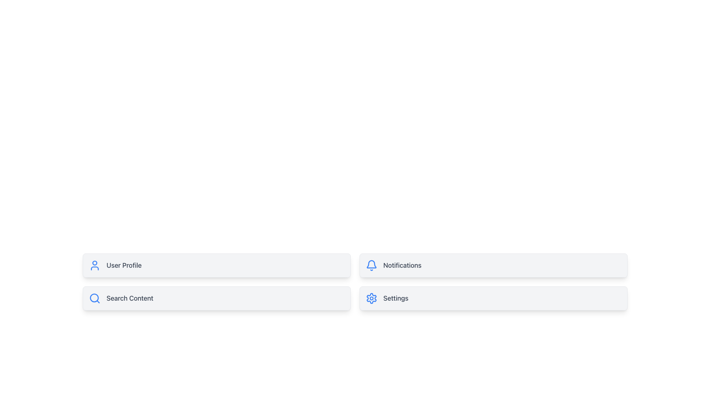 The image size is (703, 395). I want to click on the 'User Profile' icon located to the far left of the horizontal group containing the text labeled 'User Profile', so click(94, 265).